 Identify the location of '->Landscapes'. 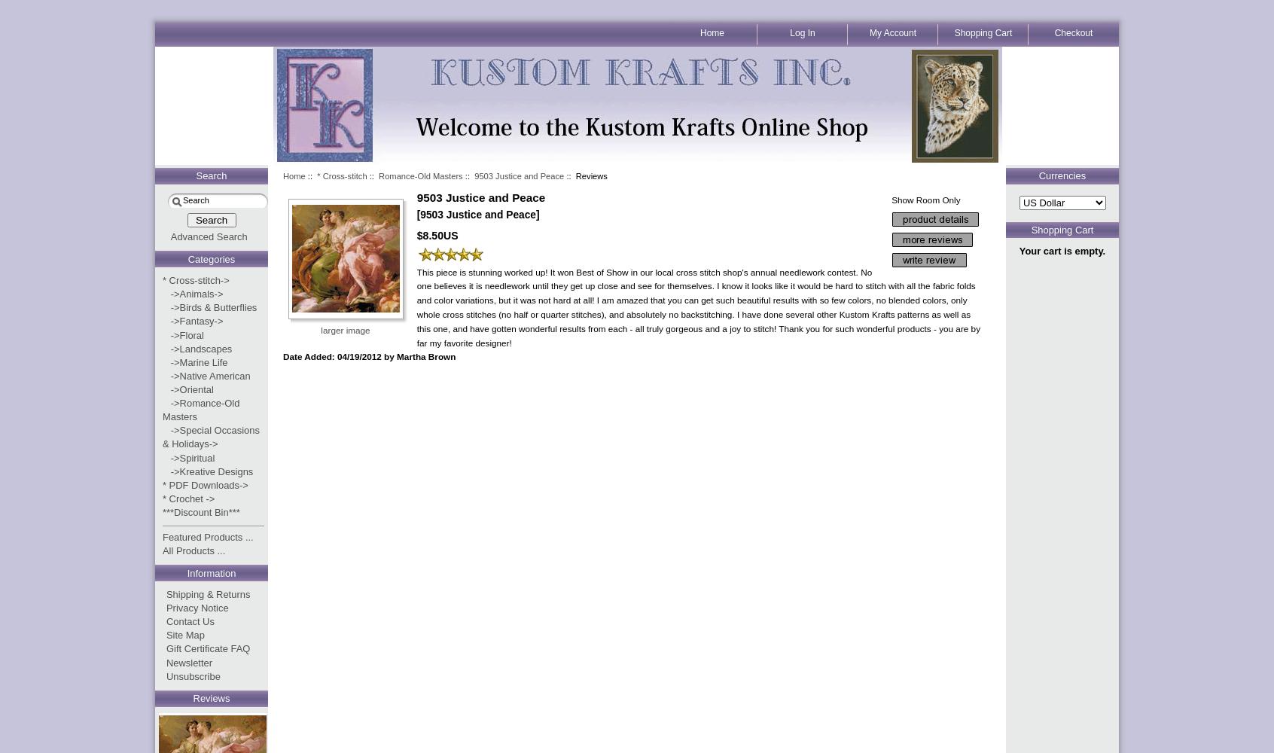
(197, 347).